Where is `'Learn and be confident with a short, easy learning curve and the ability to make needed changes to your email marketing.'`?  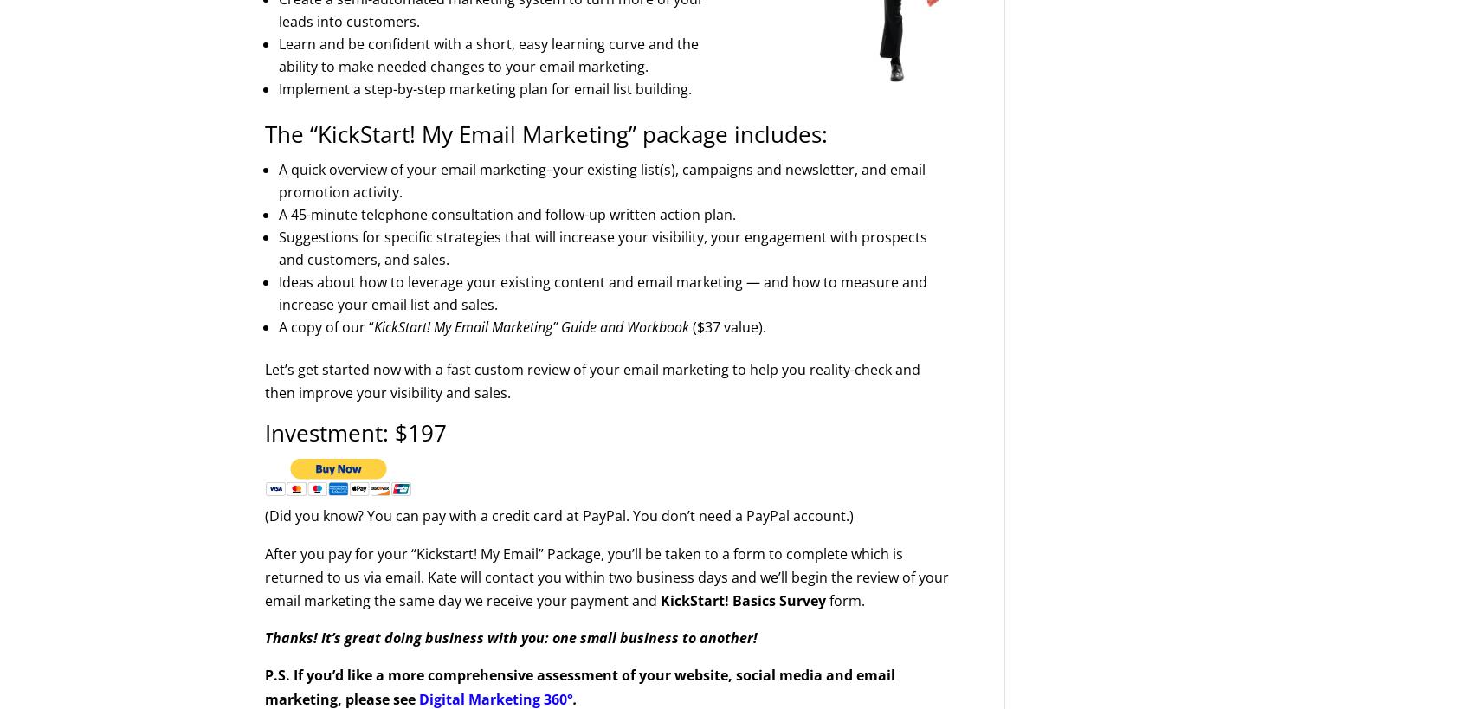 'Learn and be confident with a short, easy learning curve and the ability to make needed changes to your email marketing.' is located at coordinates (488, 55).